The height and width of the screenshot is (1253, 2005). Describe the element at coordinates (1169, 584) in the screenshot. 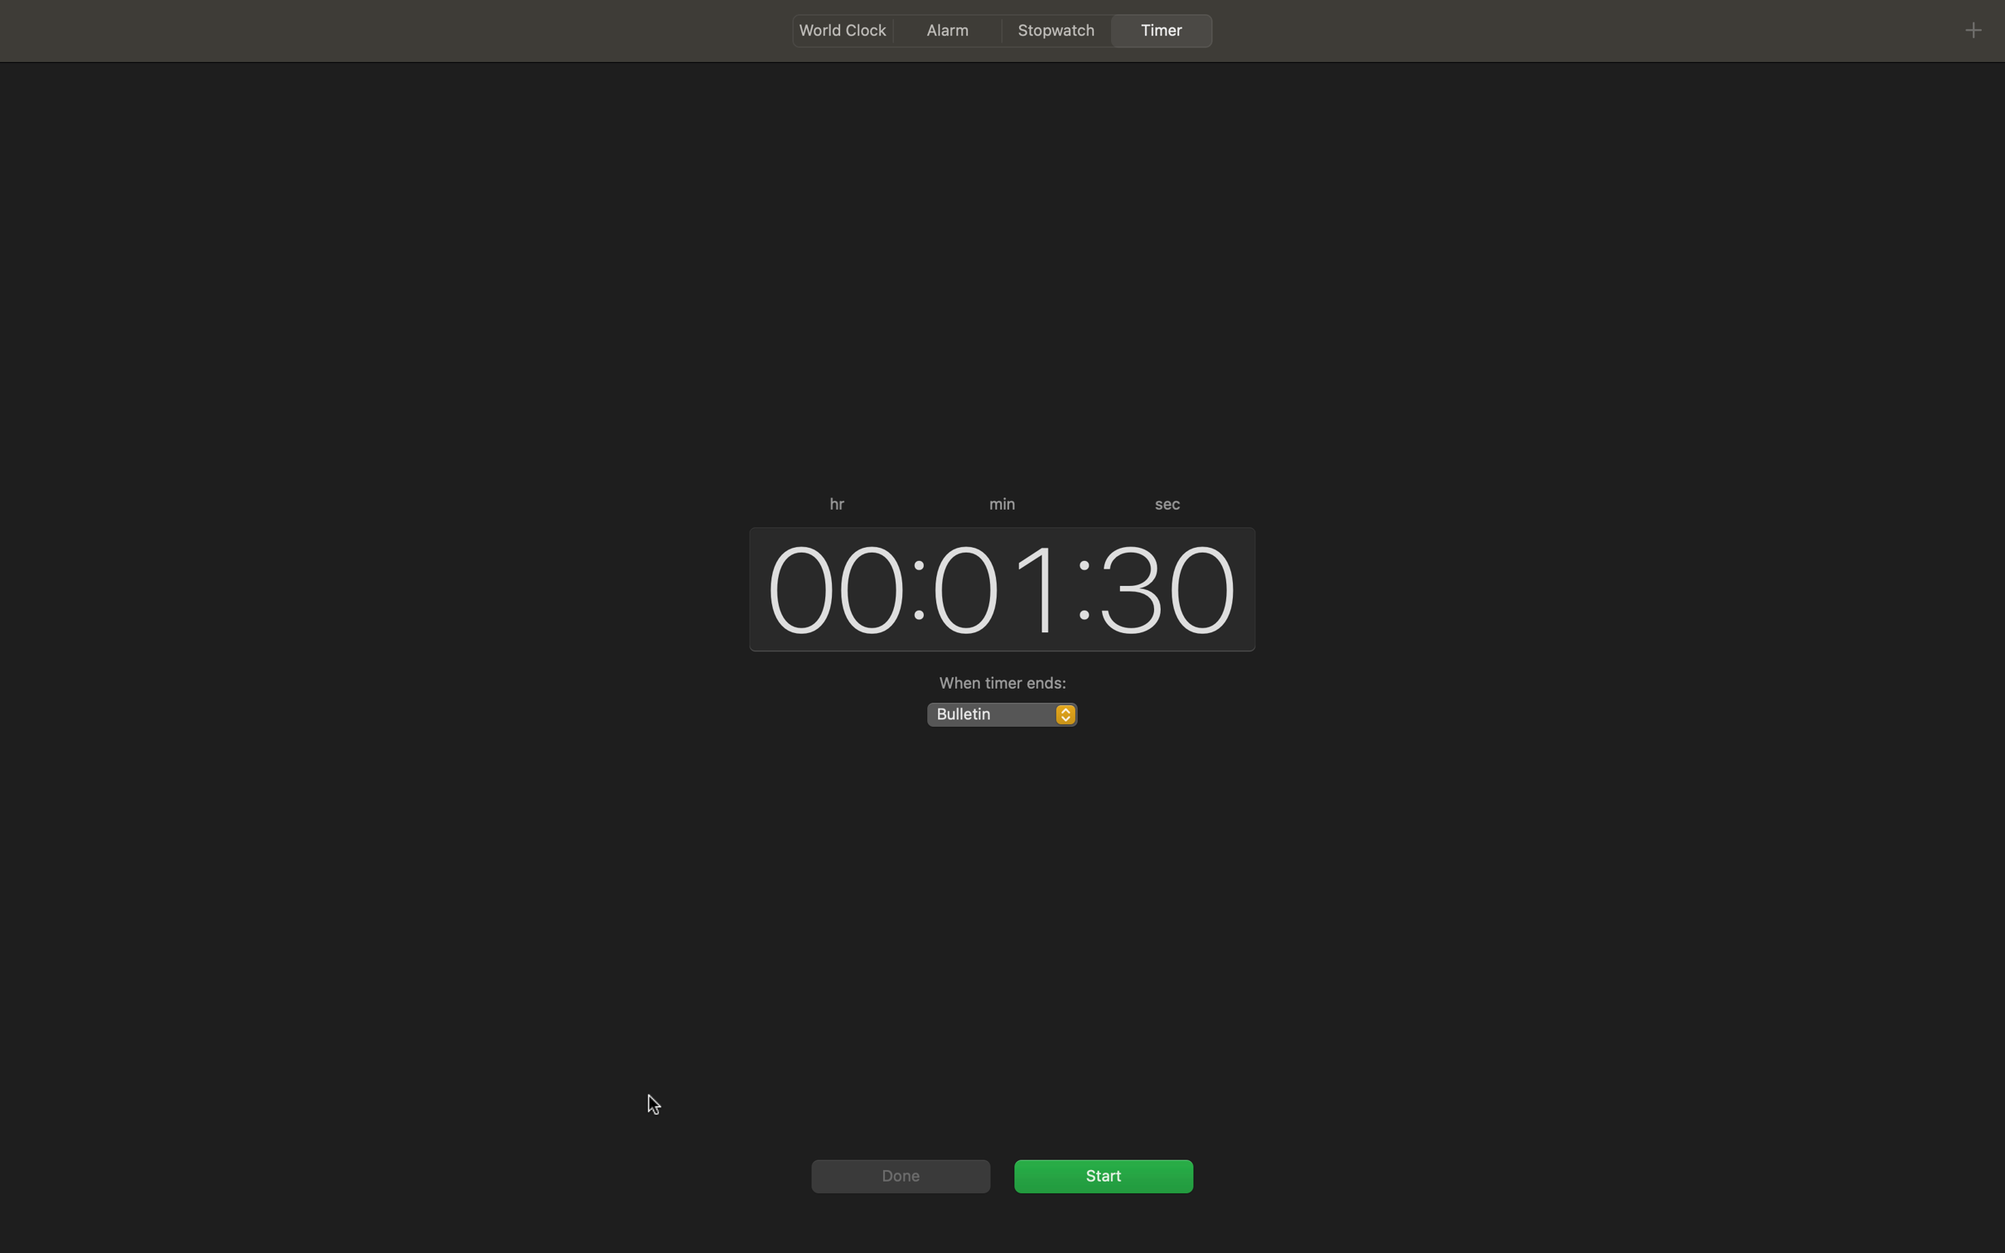

I see `Reset the seconds to zero` at that location.